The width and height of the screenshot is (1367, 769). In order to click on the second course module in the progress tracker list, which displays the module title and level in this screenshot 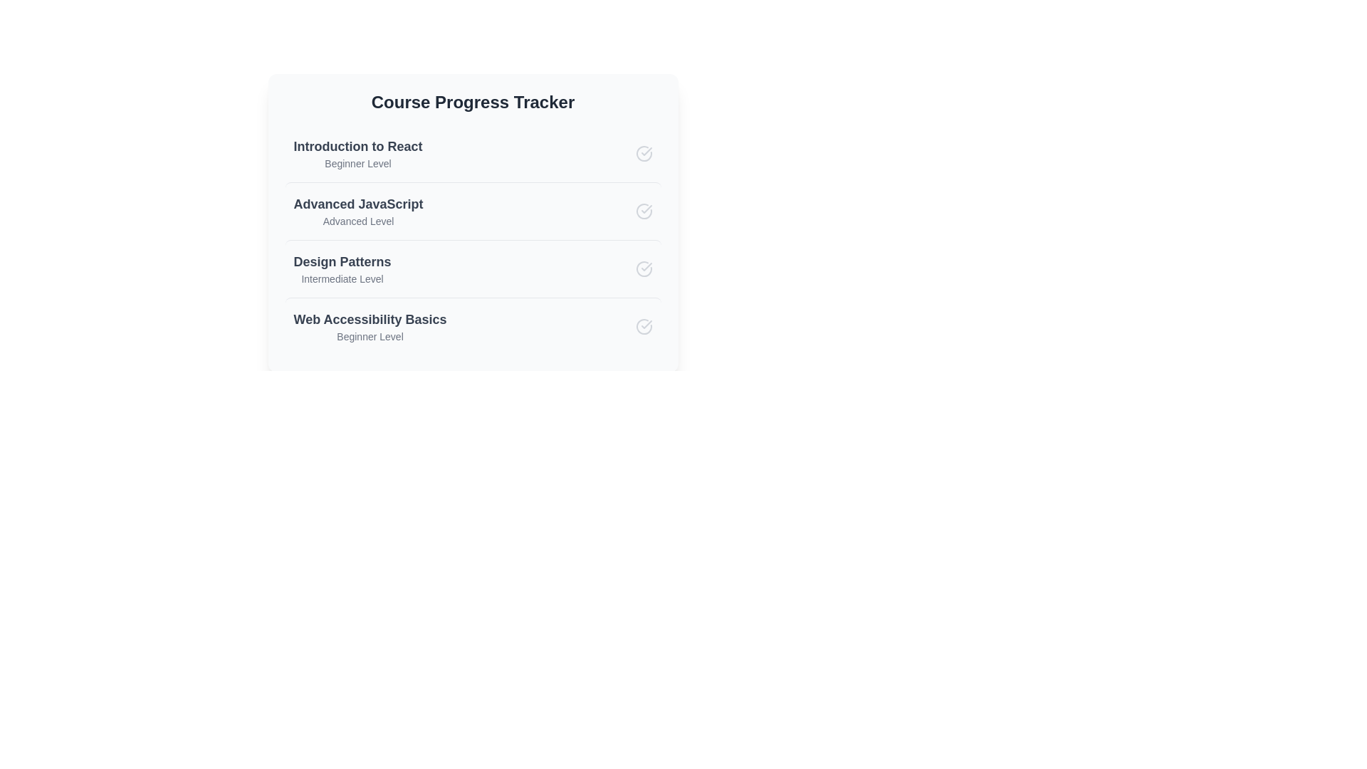, I will do `click(473, 223)`.